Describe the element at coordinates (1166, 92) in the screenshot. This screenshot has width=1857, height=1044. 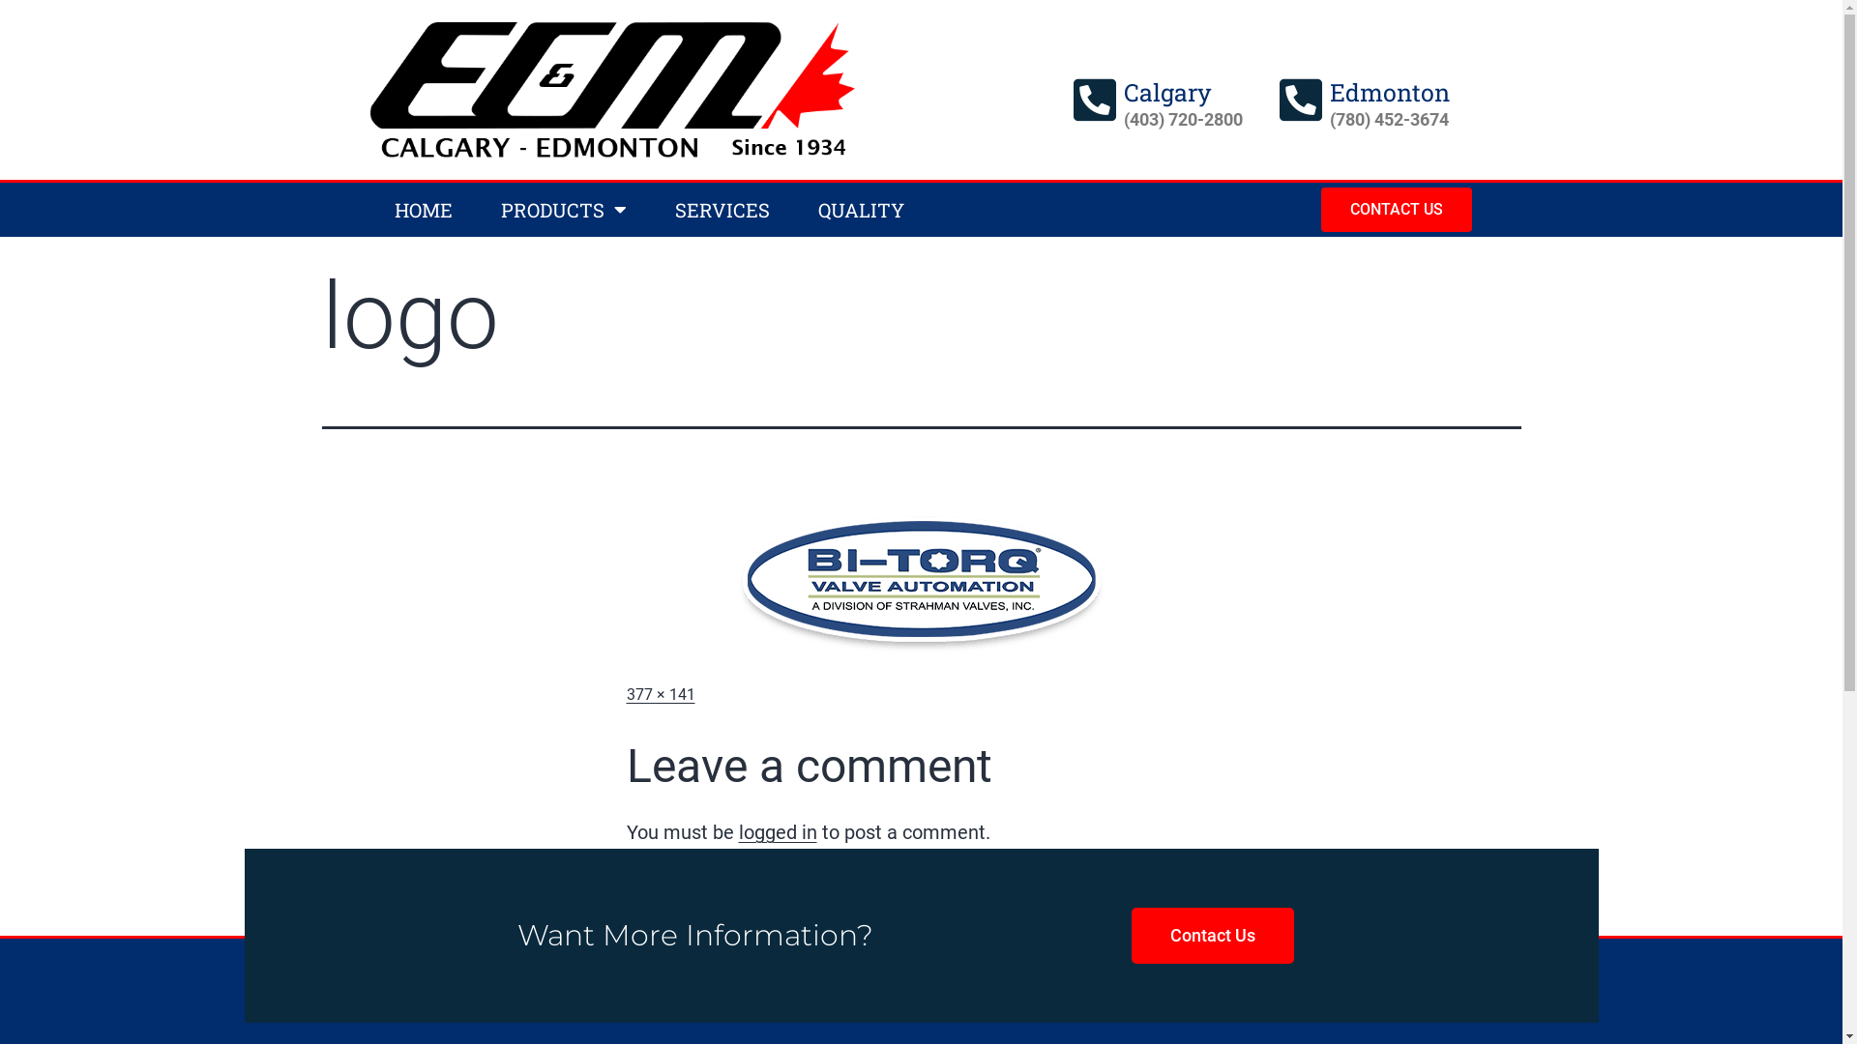
I see `'Calgary'` at that location.